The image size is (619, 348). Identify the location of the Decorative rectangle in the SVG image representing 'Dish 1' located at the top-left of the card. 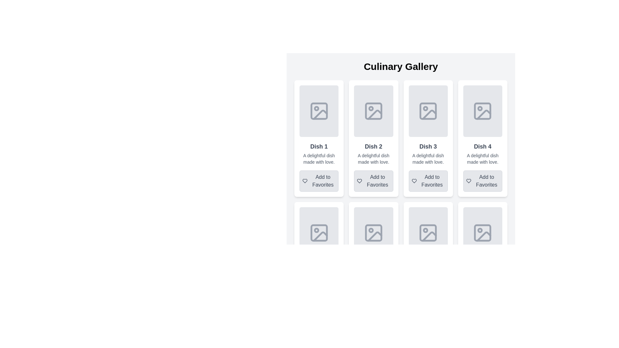
(319, 111).